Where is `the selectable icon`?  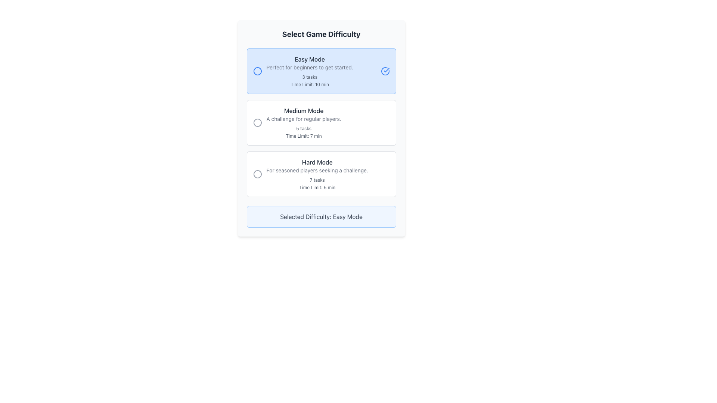 the selectable icon is located at coordinates (257, 174).